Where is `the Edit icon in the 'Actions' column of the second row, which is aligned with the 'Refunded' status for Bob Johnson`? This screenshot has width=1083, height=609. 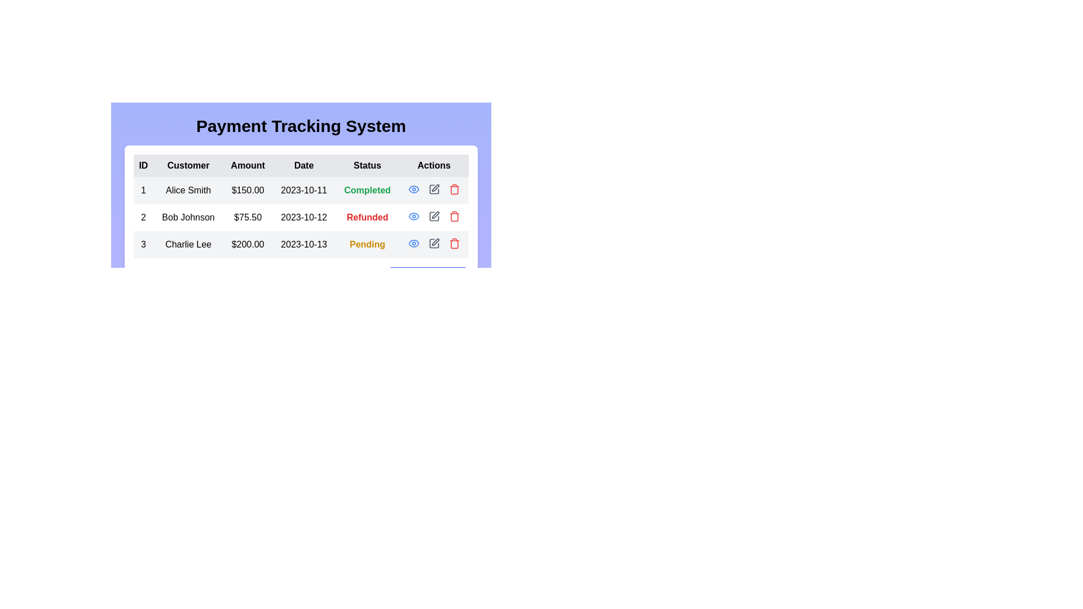 the Edit icon in the 'Actions' column of the second row, which is aligned with the 'Refunded' status for Bob Johnson is located at coordinates (433, 217).